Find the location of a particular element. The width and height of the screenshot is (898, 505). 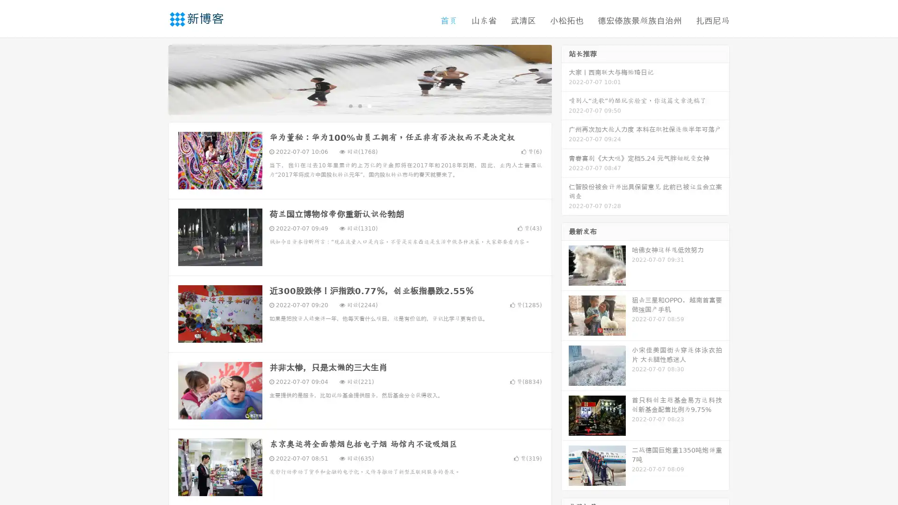

Next slide is located at coordinates (565, 79).